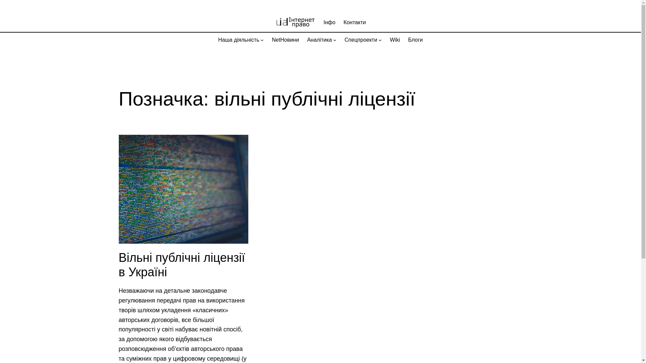 Image resolution: width=646 pixels, height=363 pixels. What do you see at coordinates (395, 40) in the screenshot?
I see `'Wiki'` at bounding box center [395, 40].